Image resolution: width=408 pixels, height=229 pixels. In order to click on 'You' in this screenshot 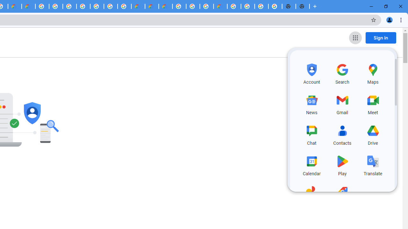, I will do `click(389, 19)`.